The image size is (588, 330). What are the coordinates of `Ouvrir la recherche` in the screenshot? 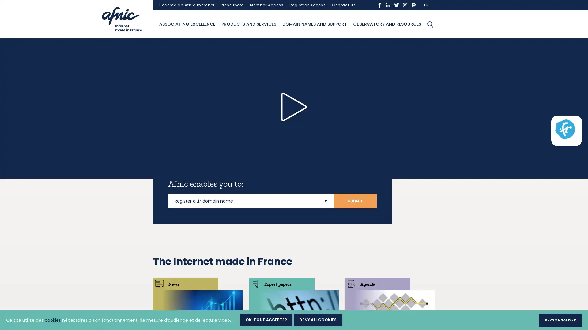 It's located at (430, 24).